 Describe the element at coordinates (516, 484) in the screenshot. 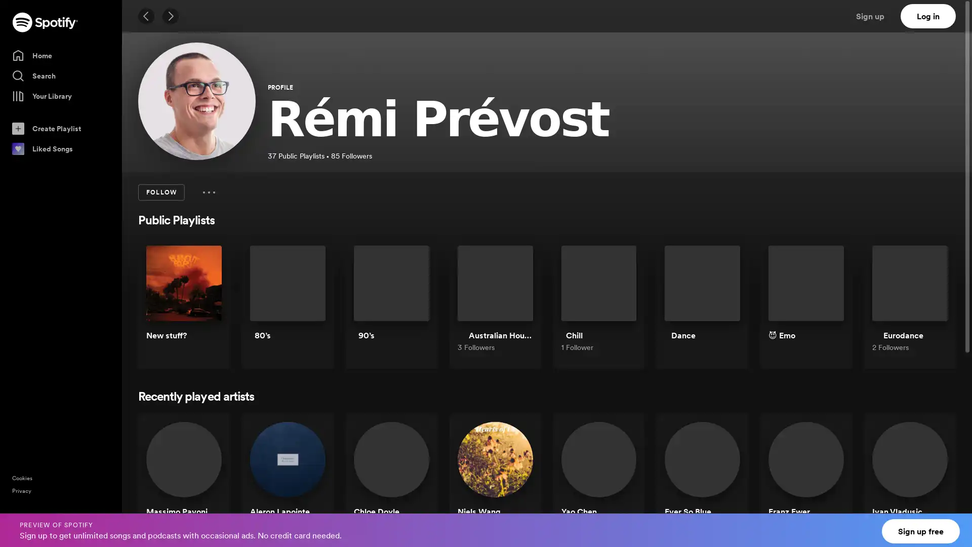

I see `Play Niels Wang` at that location.